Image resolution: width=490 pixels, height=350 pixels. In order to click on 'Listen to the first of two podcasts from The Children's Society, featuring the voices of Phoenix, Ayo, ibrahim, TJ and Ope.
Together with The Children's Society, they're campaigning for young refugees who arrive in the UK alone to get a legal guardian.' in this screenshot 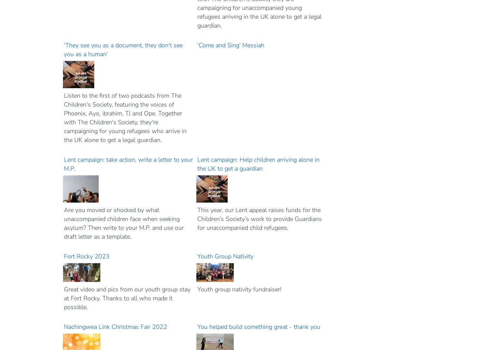, I will do `click(125, 117)`.